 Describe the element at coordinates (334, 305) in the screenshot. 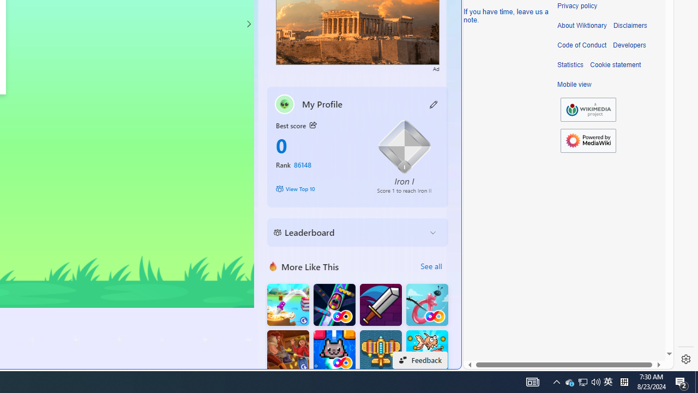

I see `'Bumper Car FRVR'` at that location.